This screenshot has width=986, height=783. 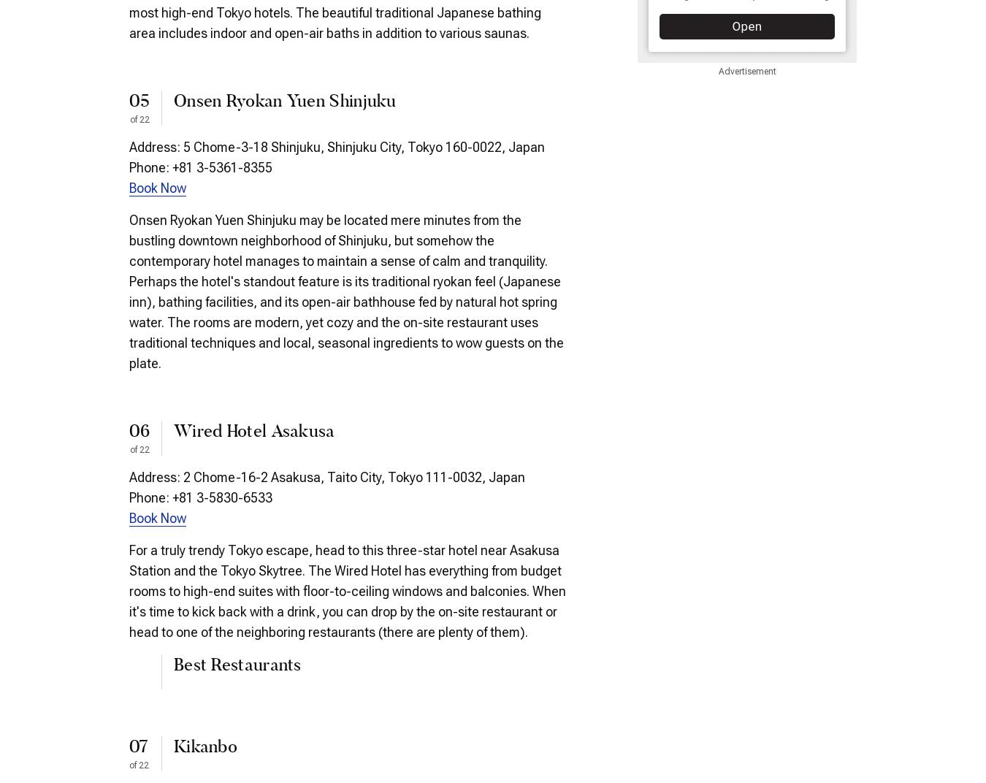 What do you see at coordinates (205, 747) in the screenshot?
I see `'Kikanbo'` at bounding box center [205, 747].